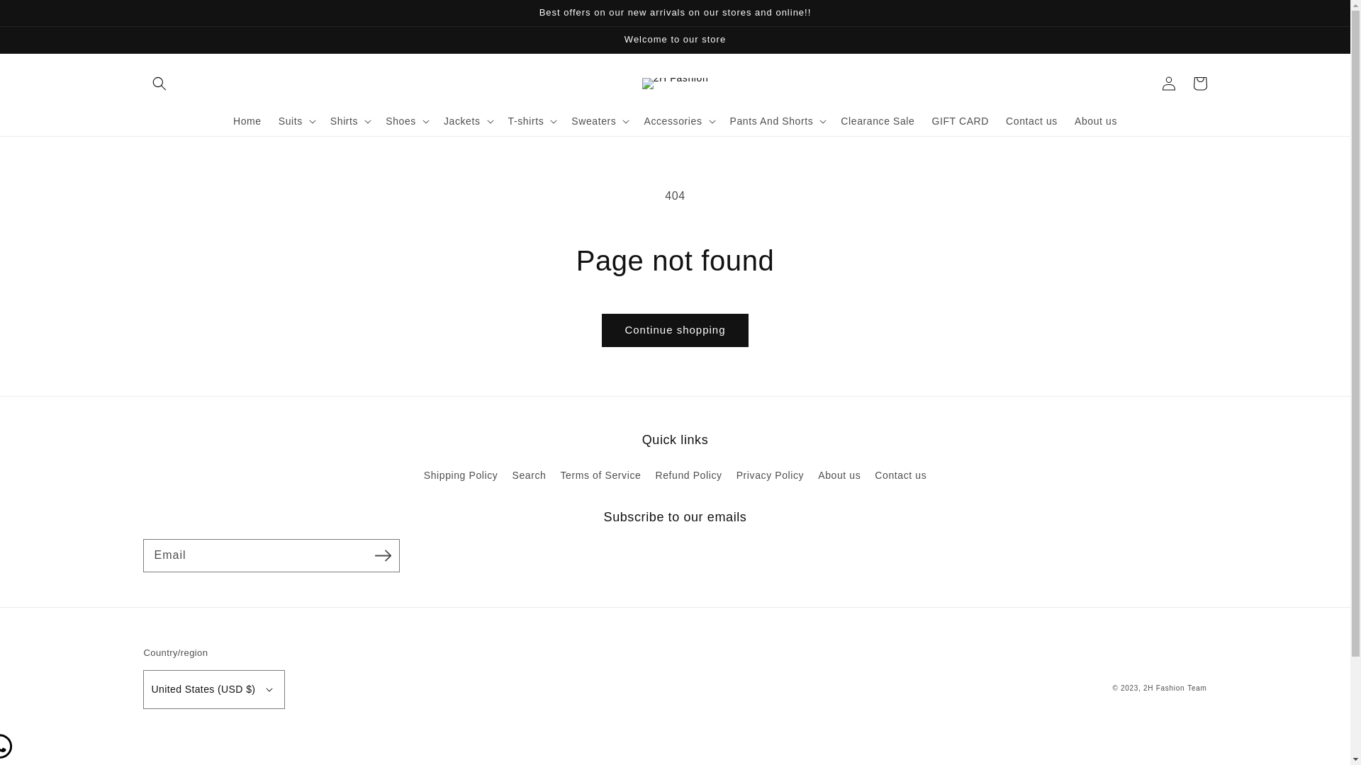 Image resolution: width=1361 pixels, height=765 pixels. I want to click on 'Refund Policy', so click(688, 475).